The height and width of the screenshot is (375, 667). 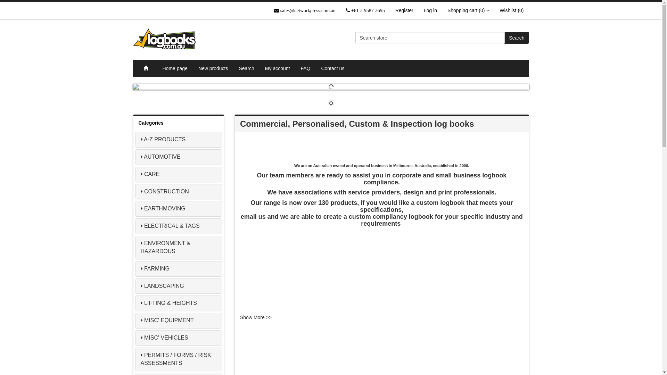 What do you see at coordinates (442, 10) in the screenshot?
I see `'Shopping cart (0)'` at bounding box center [442, 10].